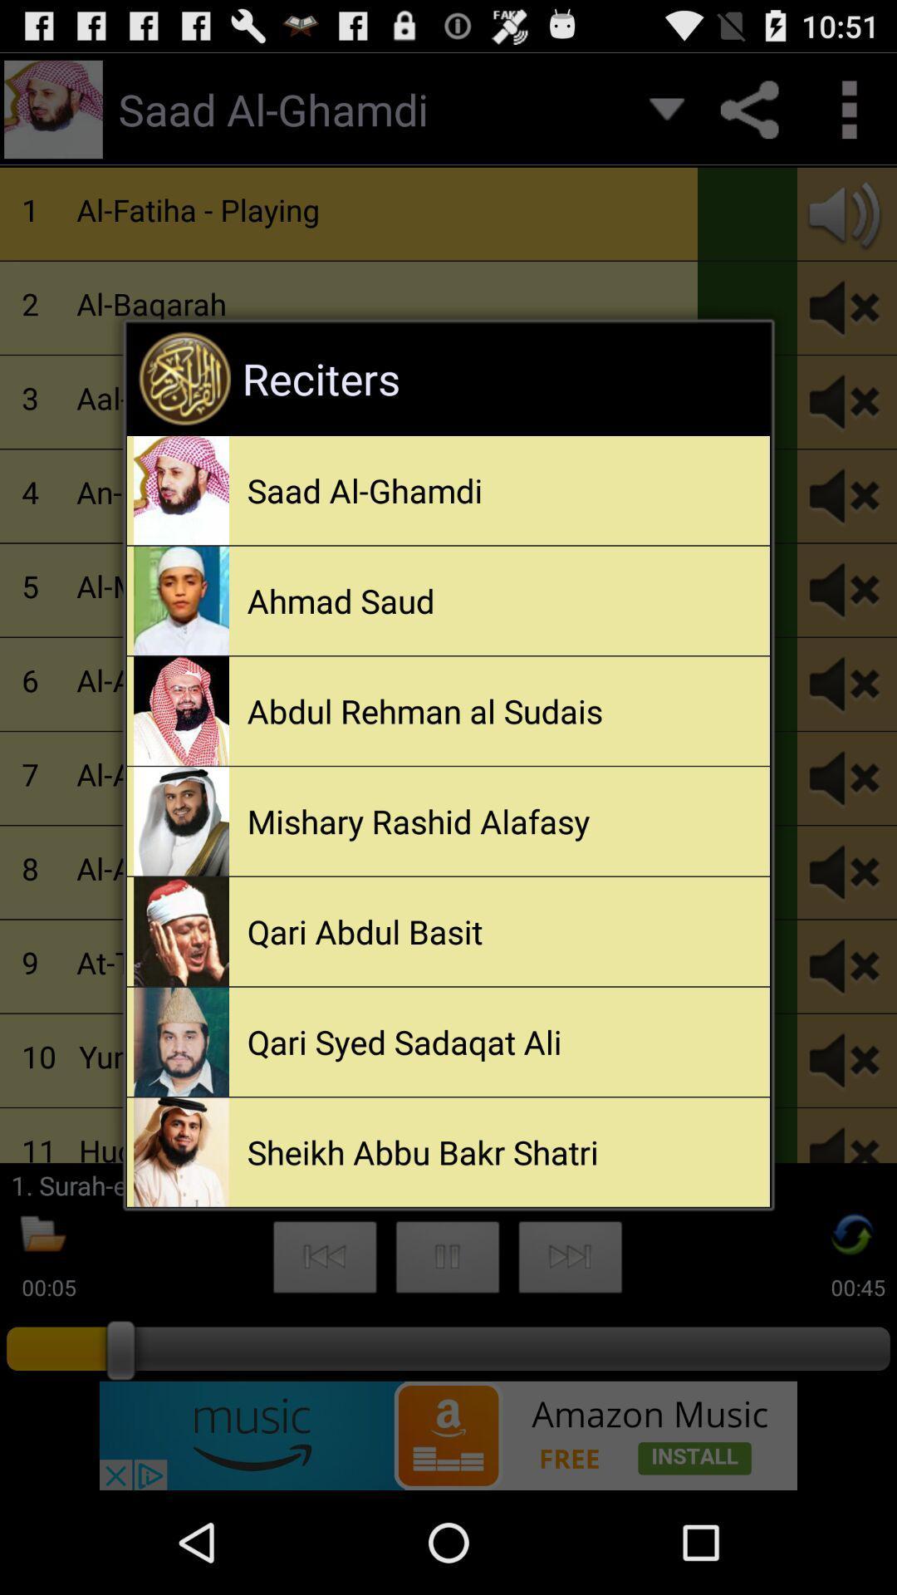  Describe the element at coordinates (847, 116) in the screenshot. I see `the more icon` at that location.